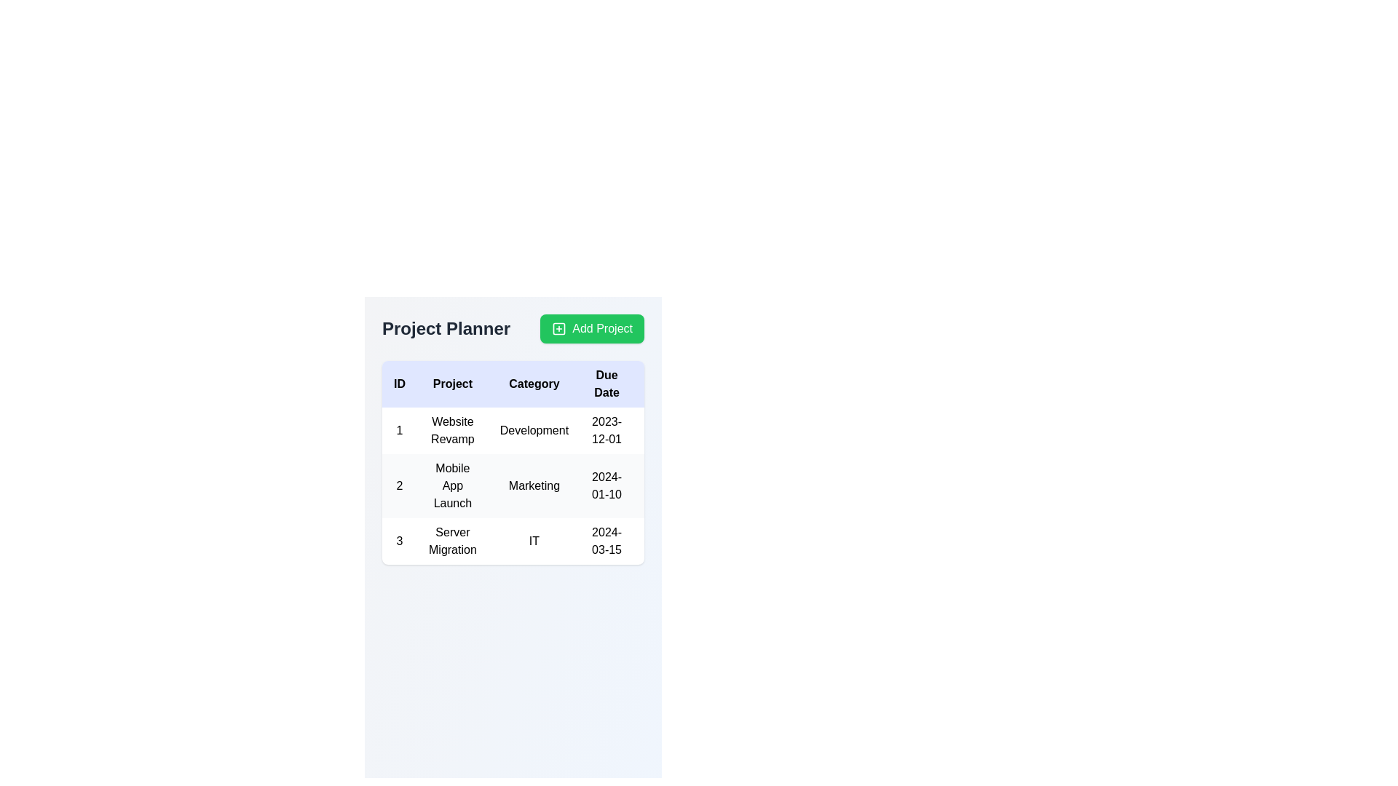 Image resolution: width=1398 pixels, height=786 pixels. Describe the element at coordinates (399, 541) in the screenshot. I see `the static text field that acts as a unique identifier for the last row in the table under the heading 'ID', located to the left of the text 'Server Migration'` at that location.